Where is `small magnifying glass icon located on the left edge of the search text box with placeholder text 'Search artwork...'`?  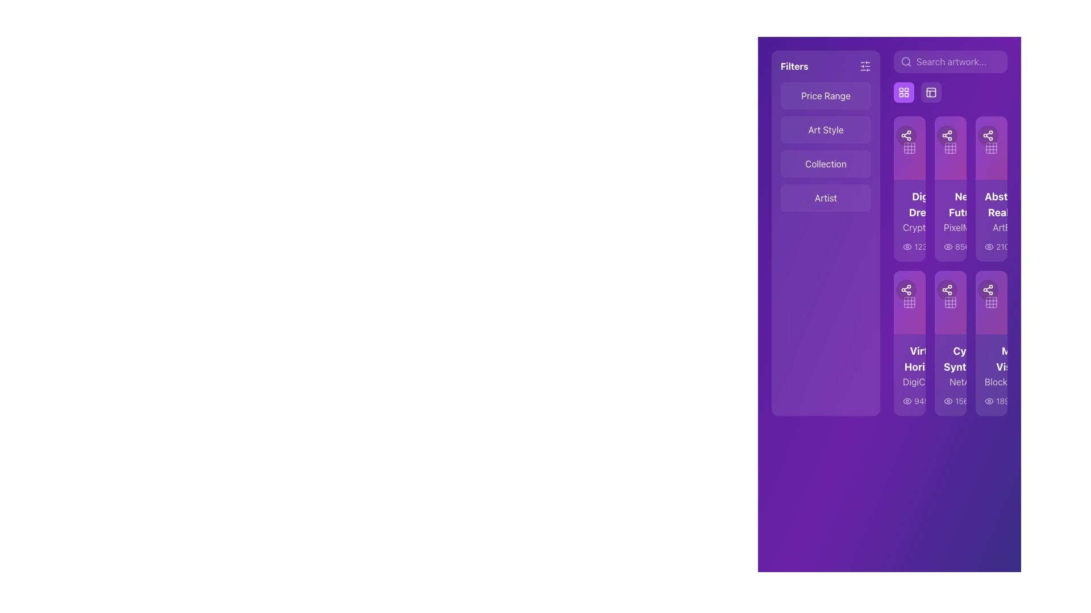
small magnifying glass icon located on the left edge of the search text box with placeholder text 'Search artwork...' is located at coordinates (905, 61).